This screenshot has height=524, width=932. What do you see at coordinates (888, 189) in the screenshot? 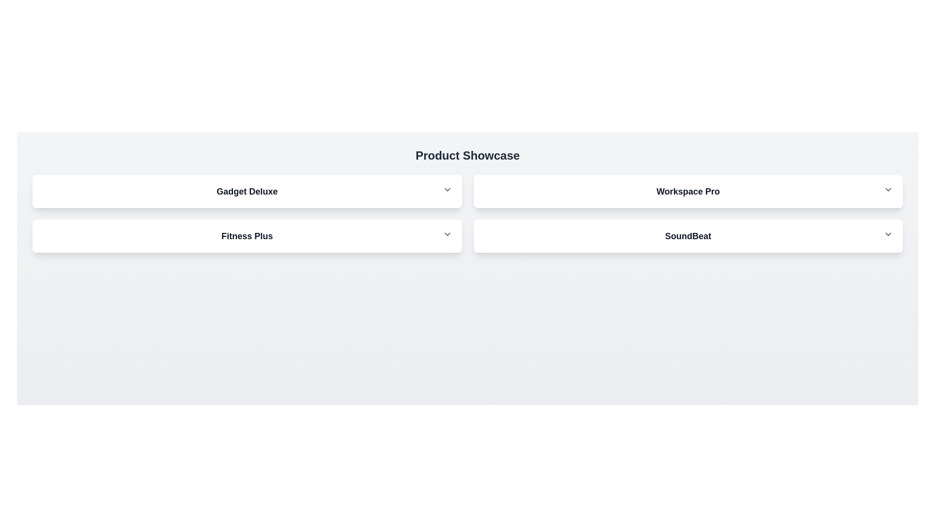
I see `the interactive button located in the top-right corner of the 'Workspace Pro' card to change its background color` at bounding box center [888, 189].